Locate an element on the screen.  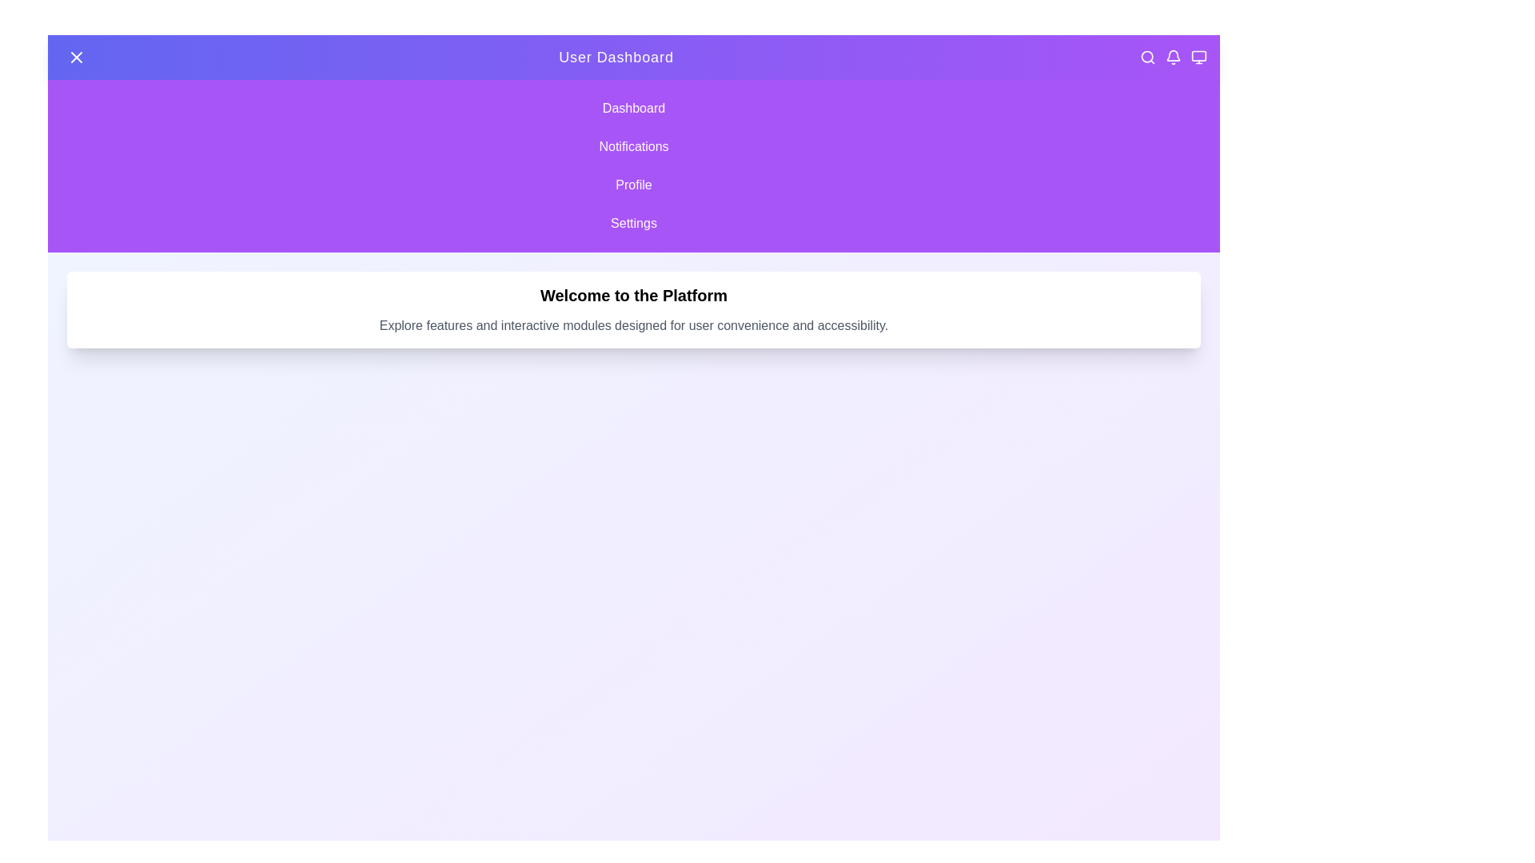
the button with the 'X' or 'Menu' icon to toggle the side menu visibility is located at coordinates (76, 57).